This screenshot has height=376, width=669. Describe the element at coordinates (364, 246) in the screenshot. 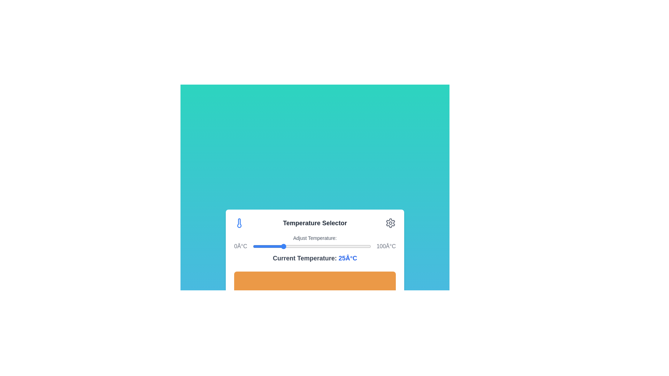

I see `the temperature to 95°C by moving the slider` at that location.